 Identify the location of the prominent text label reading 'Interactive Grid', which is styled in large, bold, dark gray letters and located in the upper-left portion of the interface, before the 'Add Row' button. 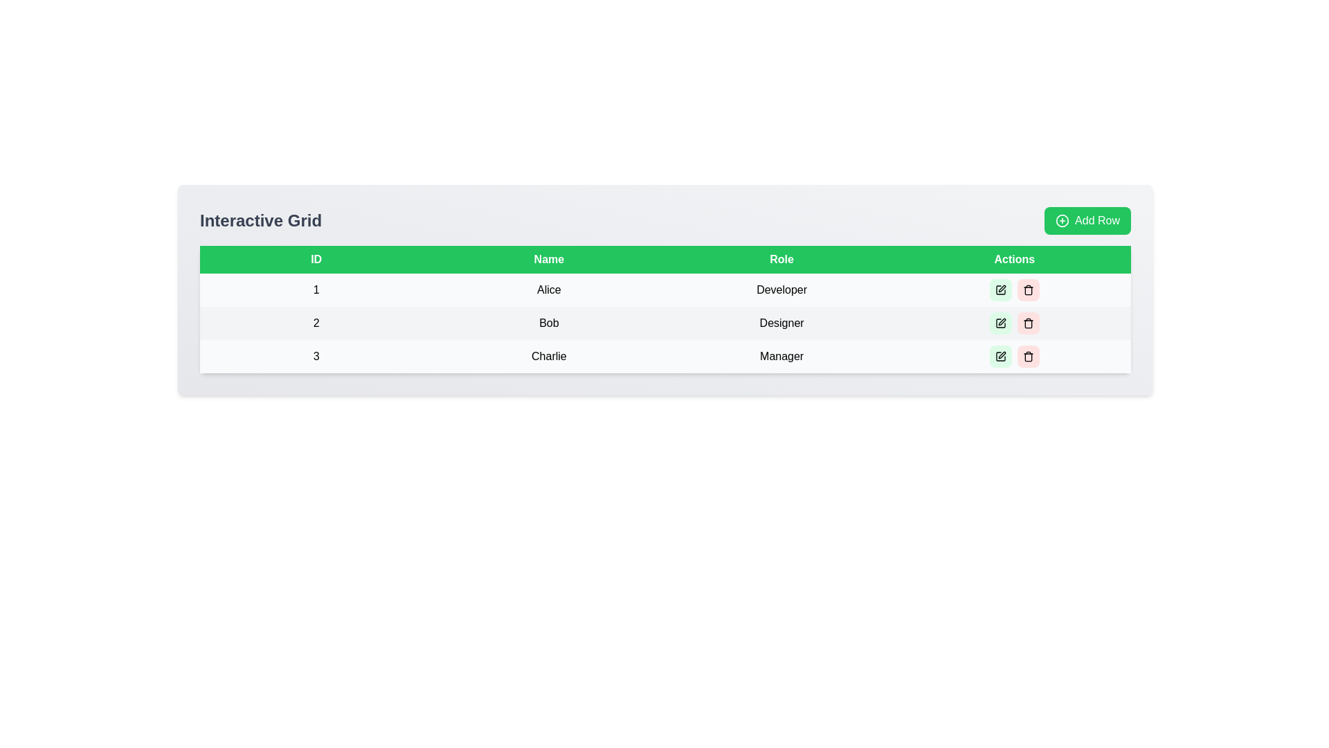
(261, 220).